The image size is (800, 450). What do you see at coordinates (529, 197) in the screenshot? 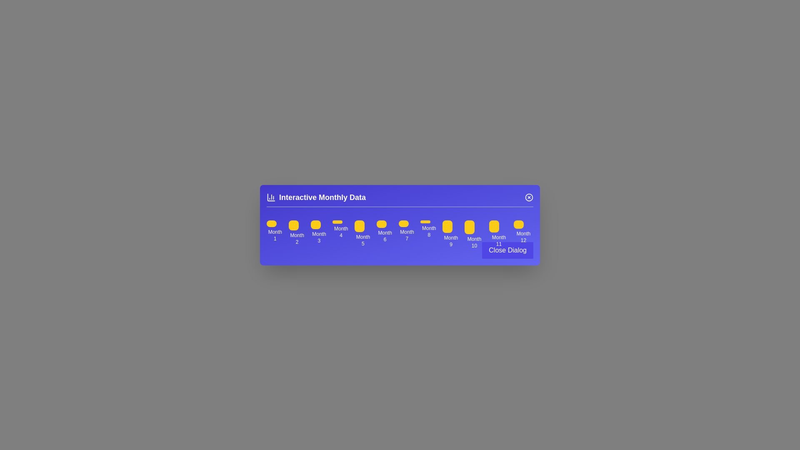
I see `'X' icon in the header to close the dialog` at bounding box center [529, 197].